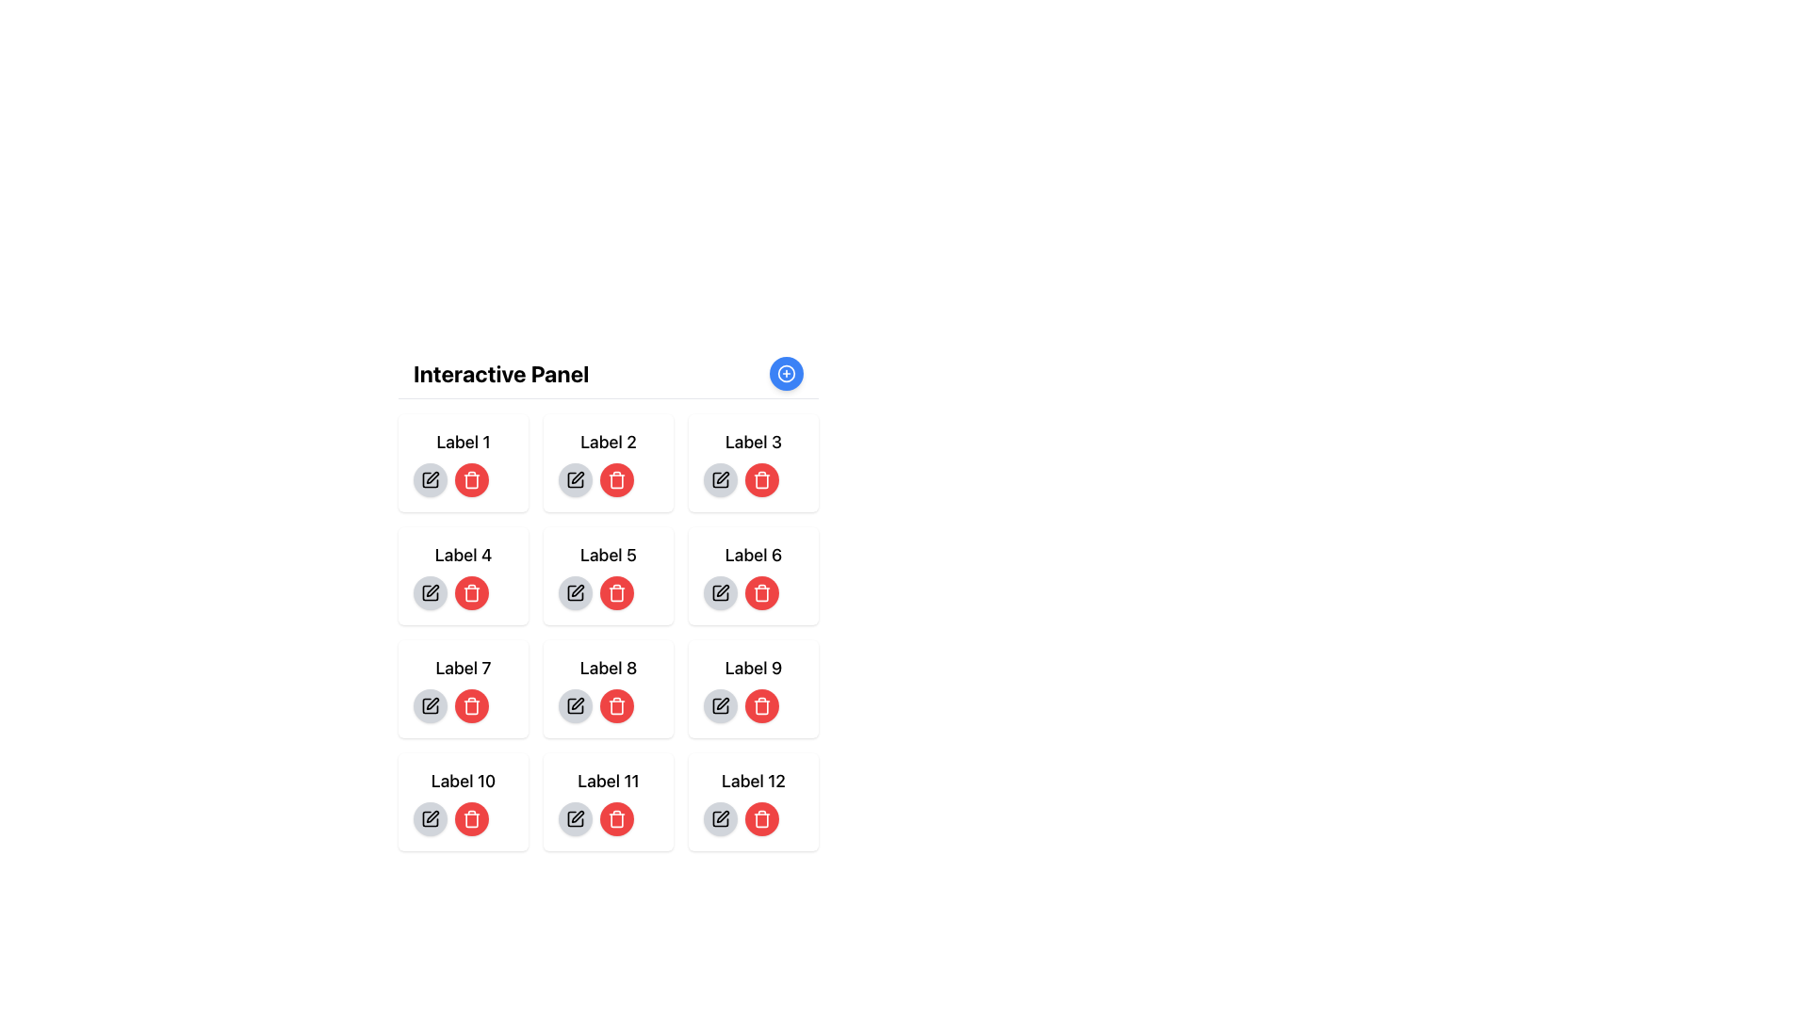  Describe the element at coordinates (762, 818) in the screenshot. I see `the circular red button with a white trash can icon, located at the bottom-right corner of the interactive grid` at that location.